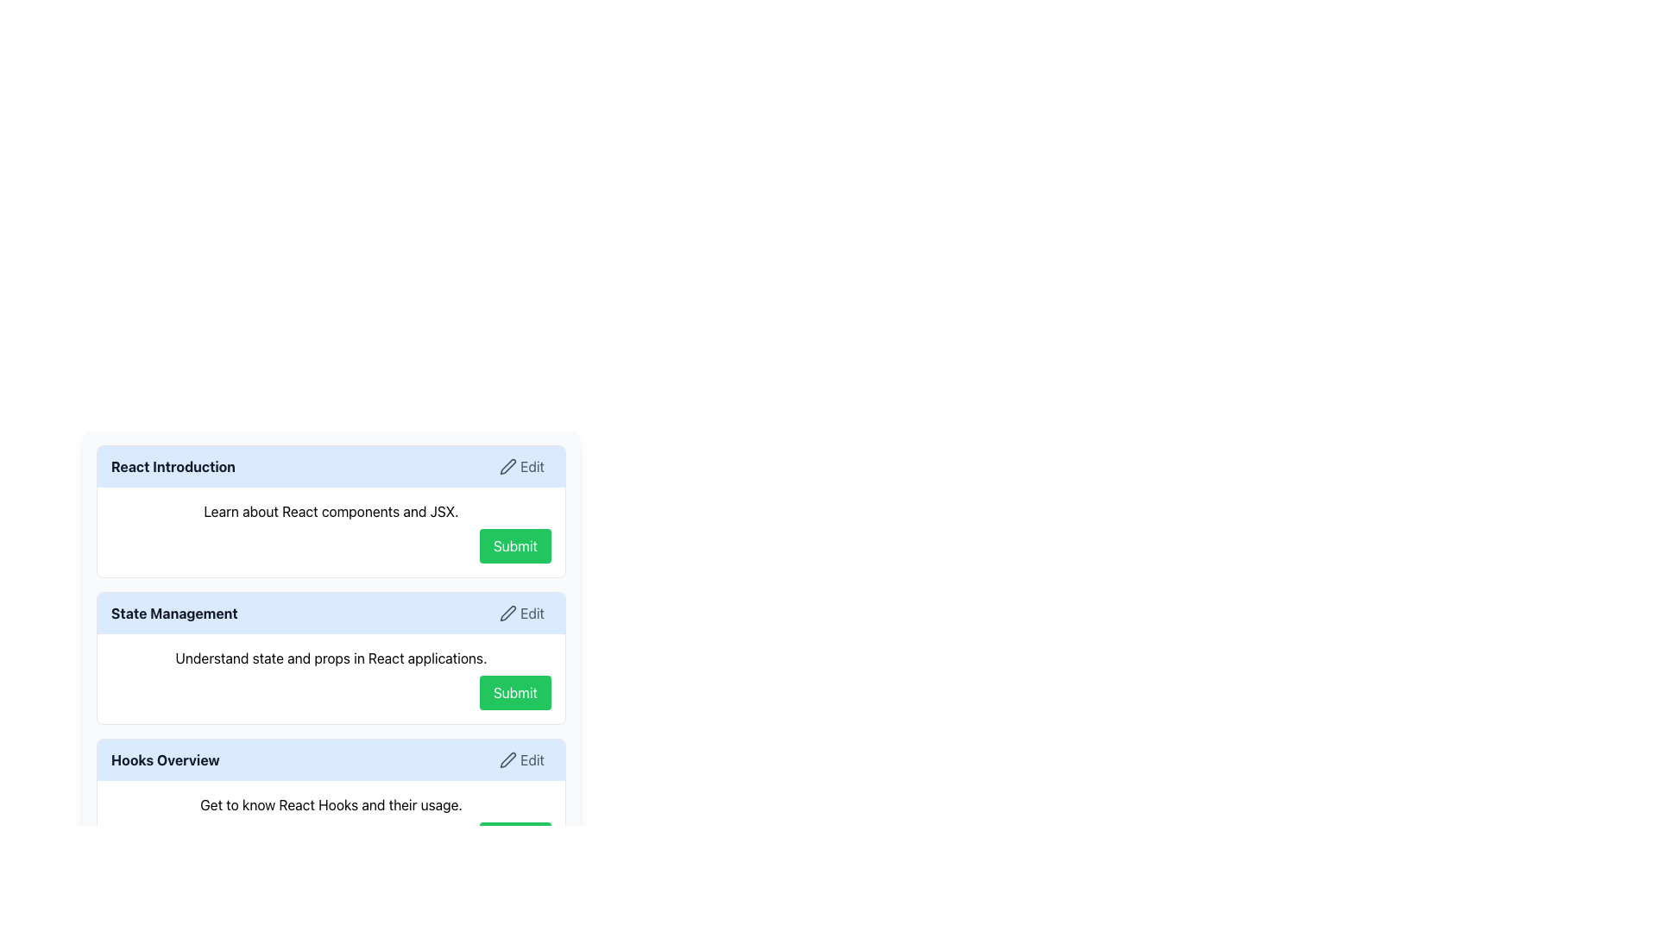 Image resolution: width=1657 pixels, height=932 pixels. What do you see at coordinates (520, 612) in the screenshot?
I see `the 'Edit' button located in the top-right corner of the 'State Management' section` at bounding box center [520, 612].